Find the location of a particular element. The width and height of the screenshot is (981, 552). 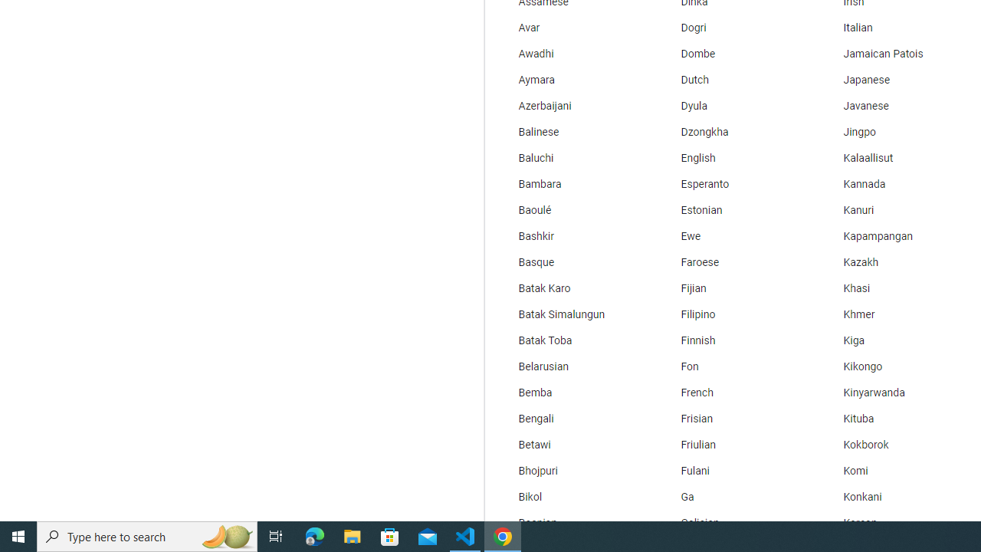

'Bemba' is located at coordinates (570, 393).